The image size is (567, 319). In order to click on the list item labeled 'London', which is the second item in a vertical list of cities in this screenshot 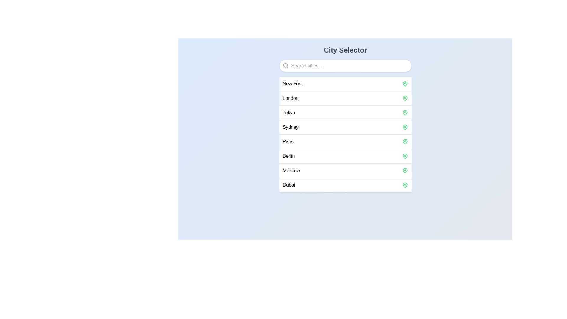, I will do `click(345, 98)`.